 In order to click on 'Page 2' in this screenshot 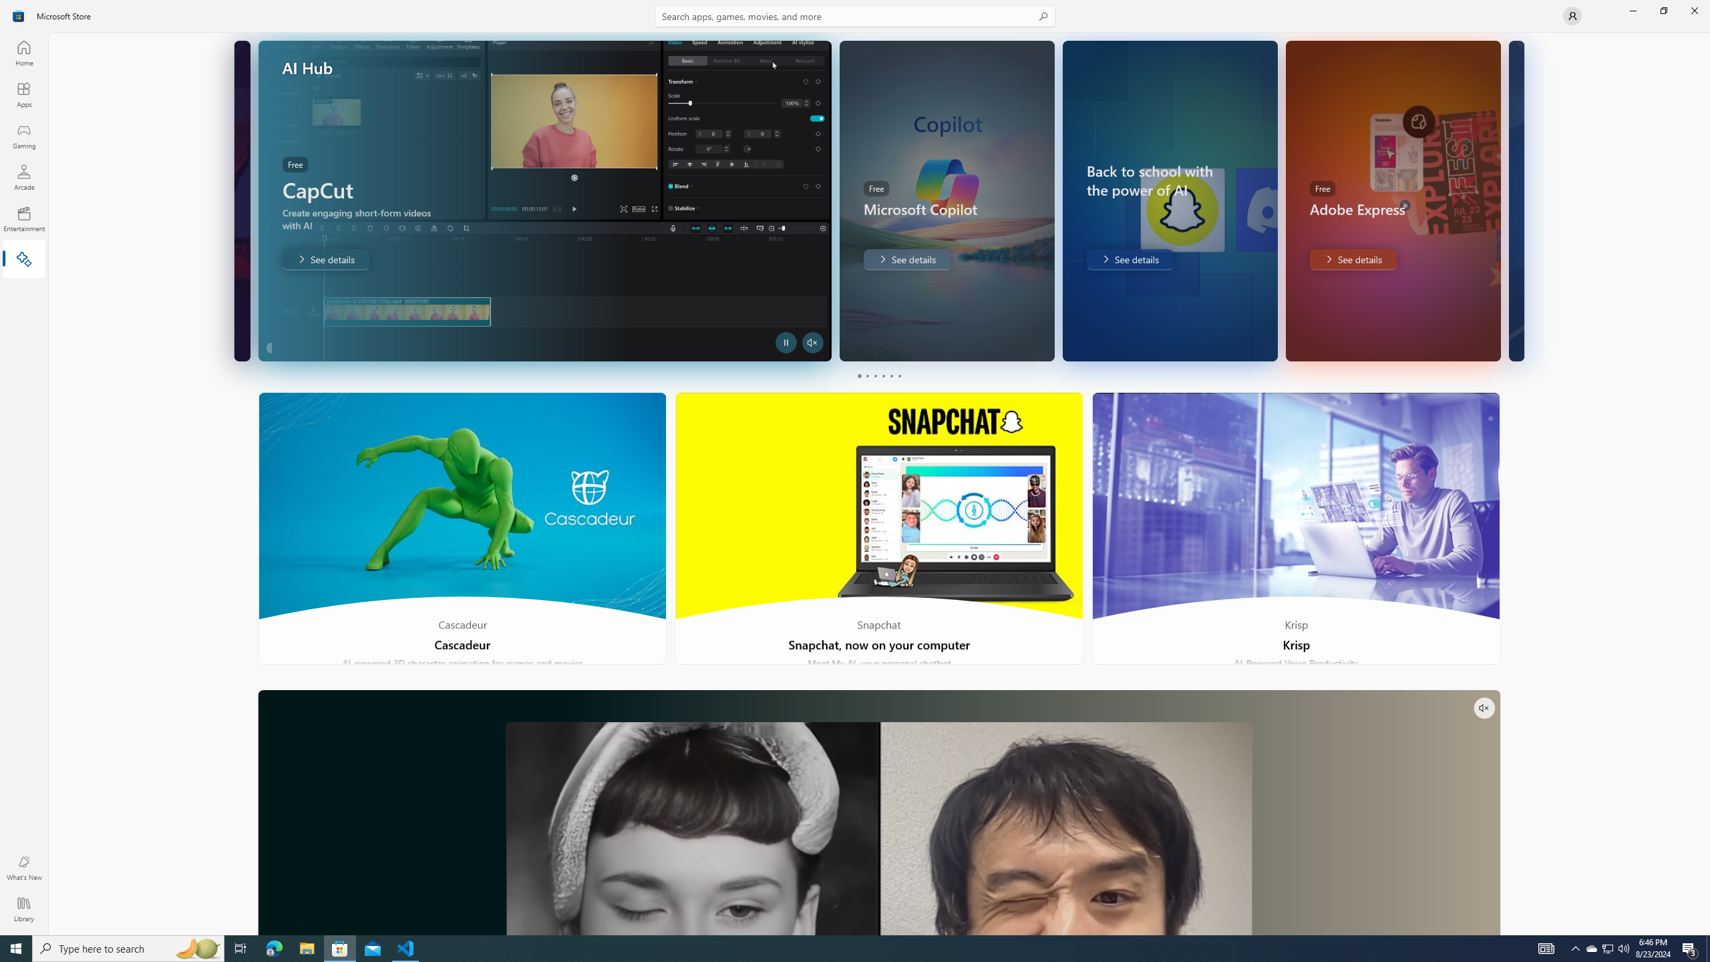, I will do `click(866, 375)`.